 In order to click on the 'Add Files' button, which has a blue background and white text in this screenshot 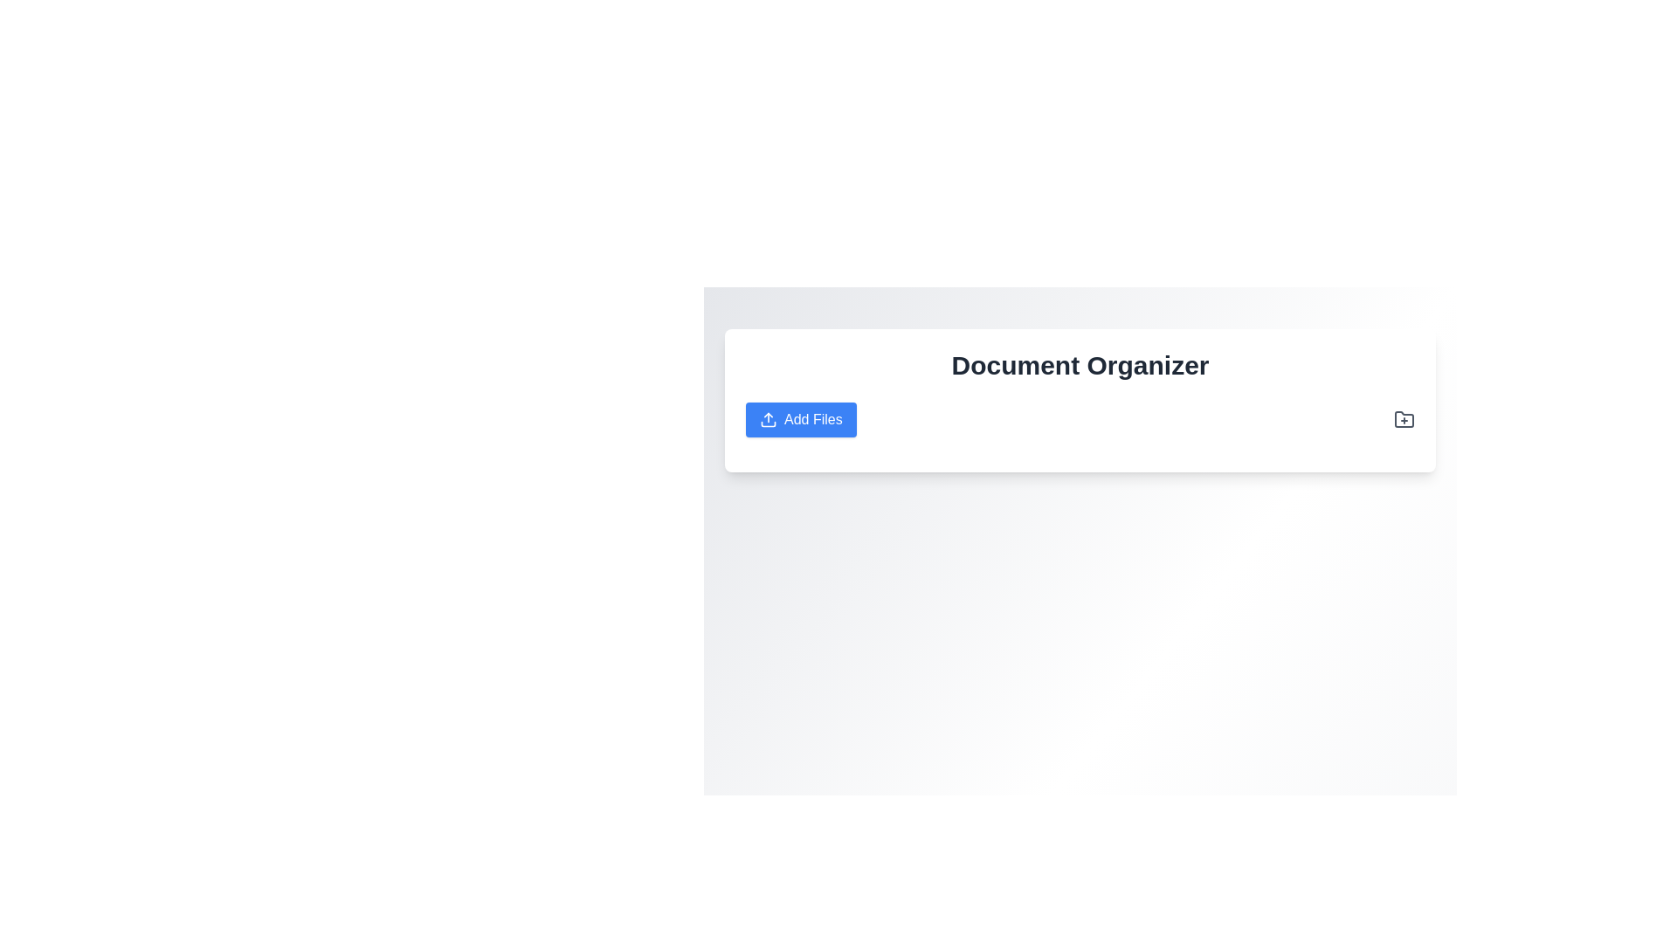, I will do `click(800, 420)`.